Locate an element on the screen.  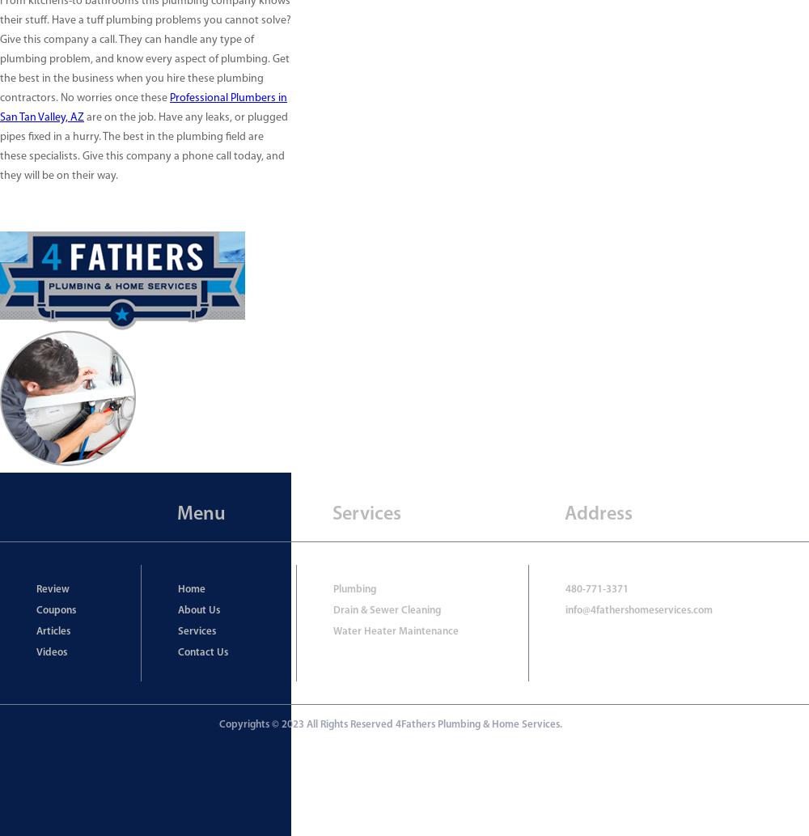
'Water Heater Maintenance' is located at coordinates (394, 631).